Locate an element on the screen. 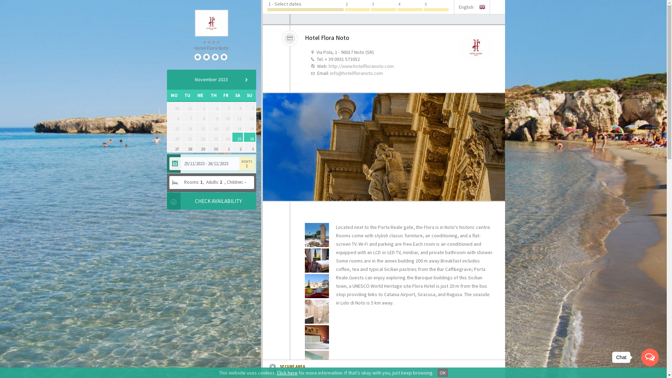 The width and height of the screenshot is (672, 378). '26' is located at coordinates (244, 137).